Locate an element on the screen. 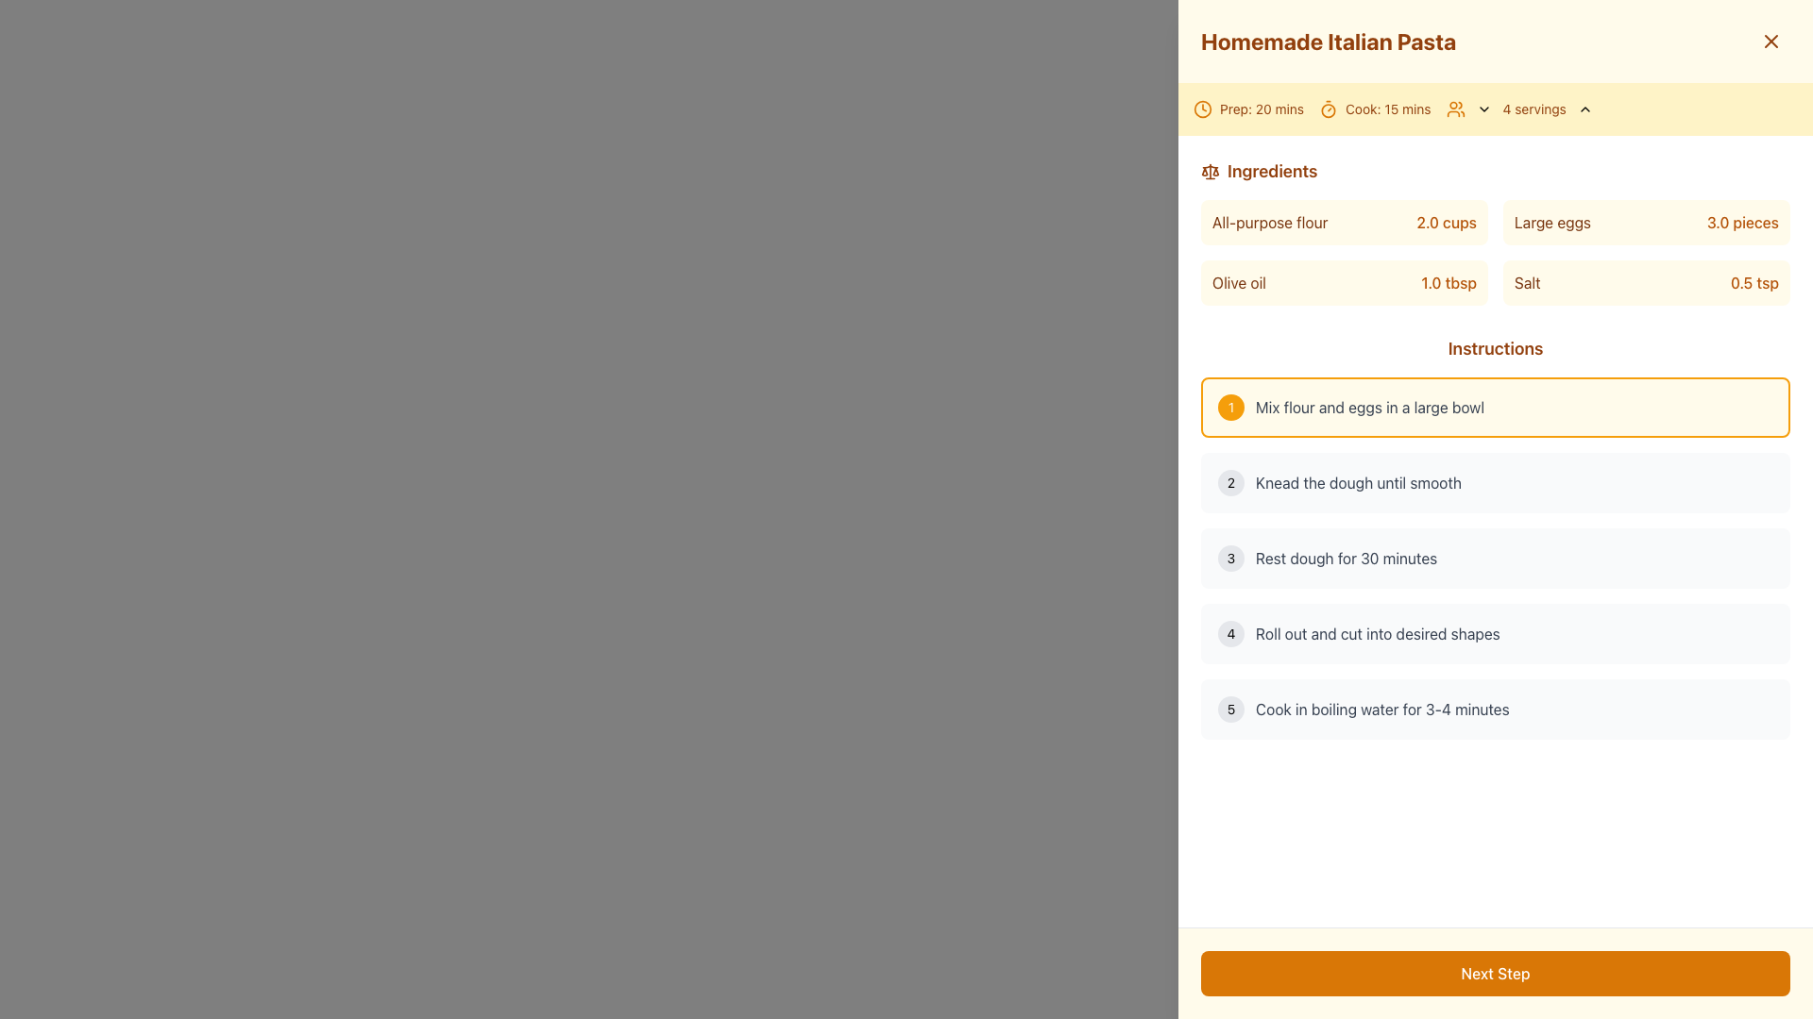 The width and height of the screenshot is (1813, 1019). the fifth instructional step in the recipe to mark it as completed, located in the 'Instructions' section below step 4 and above the 'Next Step' button is located at coordinates (1495, 710).